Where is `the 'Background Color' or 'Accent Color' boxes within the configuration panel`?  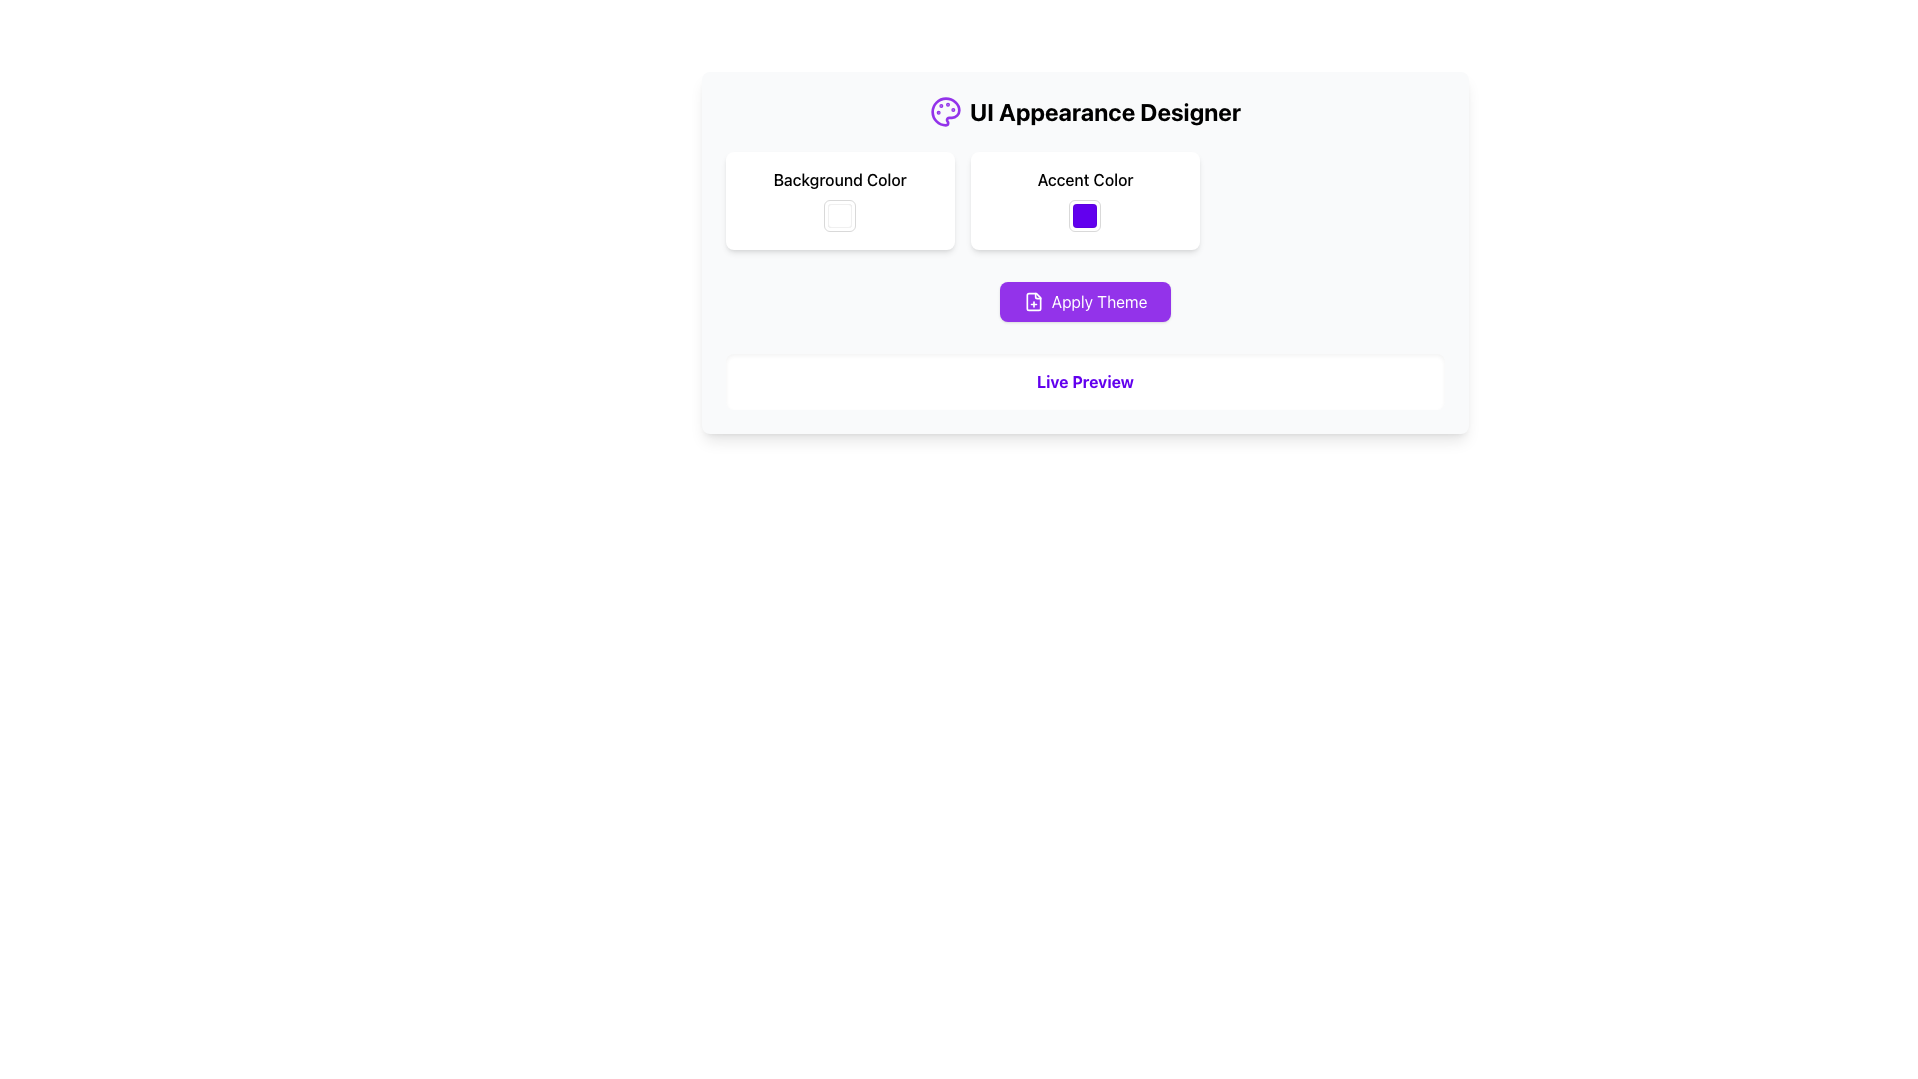 the 'Background Color' or 'Accent Color' boxes within the configuration panel is located at coordinates (1084, 252).